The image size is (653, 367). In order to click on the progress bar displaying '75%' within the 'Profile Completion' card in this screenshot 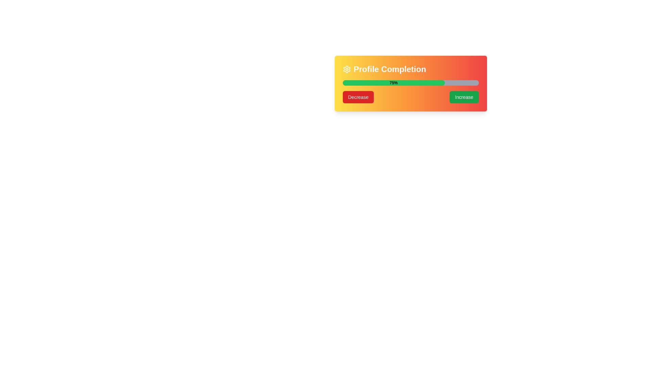, I will do `click(410, 82)`.